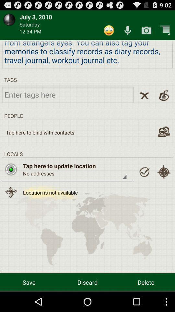  What do you see at coordinates (109, 30) in the screenshot?
I see `the item to the right of the saturday` at bounding box center [109, 30].